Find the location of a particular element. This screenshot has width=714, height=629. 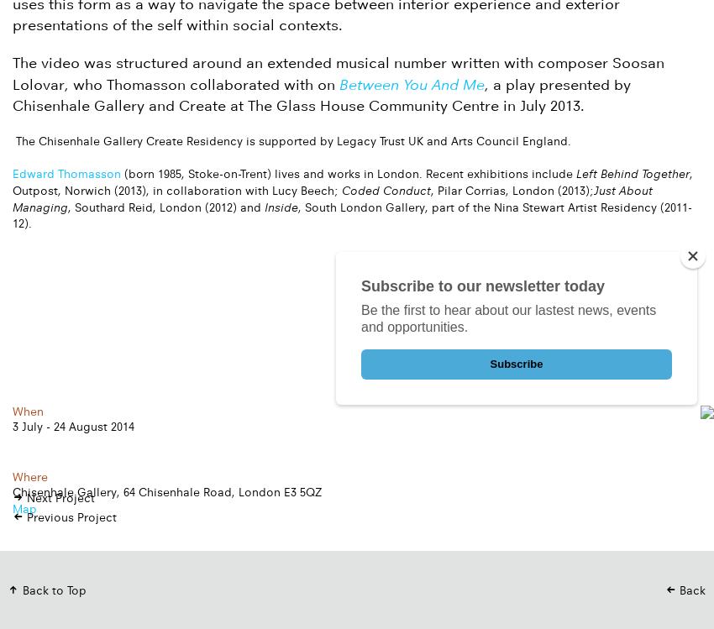

', Pilar Corrias, London (2013);' is located at coordinates (511, 191).